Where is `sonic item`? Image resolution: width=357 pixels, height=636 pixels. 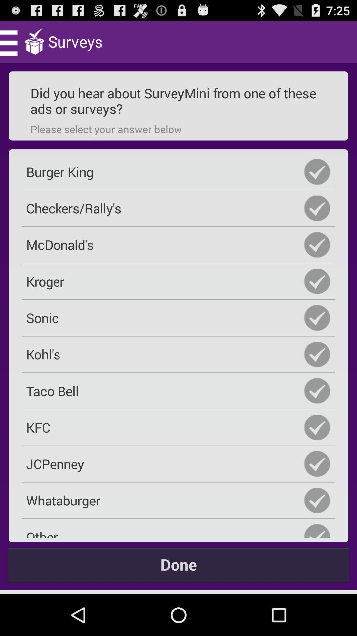
sonic item is located at coordinates (178, 317).